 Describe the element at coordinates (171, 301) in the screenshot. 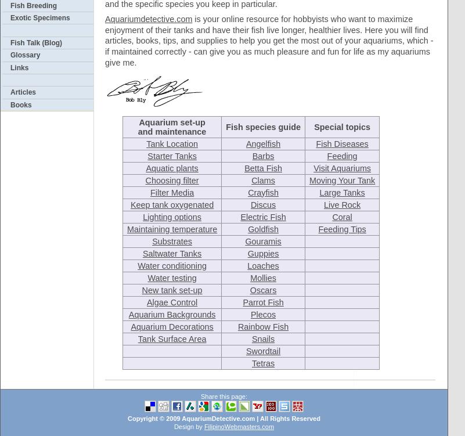

I see `'Algae Control'` at that location.